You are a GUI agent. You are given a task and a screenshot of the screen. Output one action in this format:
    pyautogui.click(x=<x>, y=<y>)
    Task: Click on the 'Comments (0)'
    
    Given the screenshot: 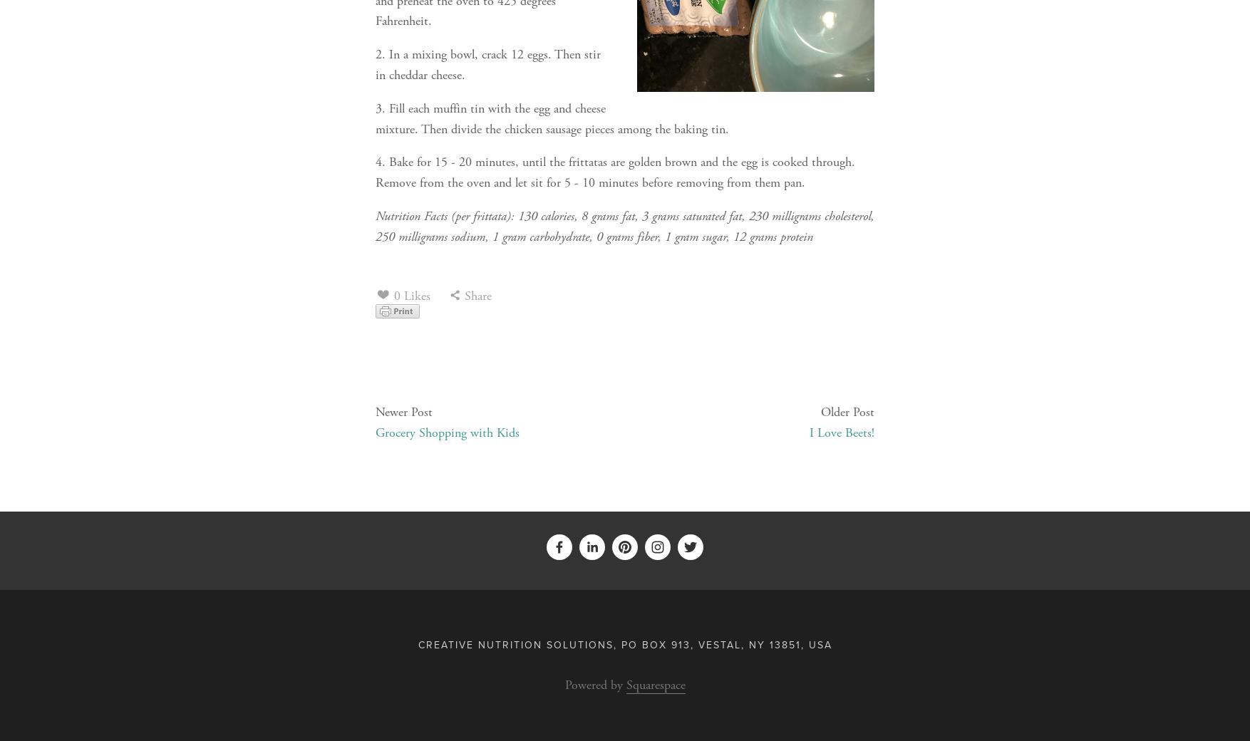 What is the action you would take?
    pyautogui.click(x=422, y=370)
    